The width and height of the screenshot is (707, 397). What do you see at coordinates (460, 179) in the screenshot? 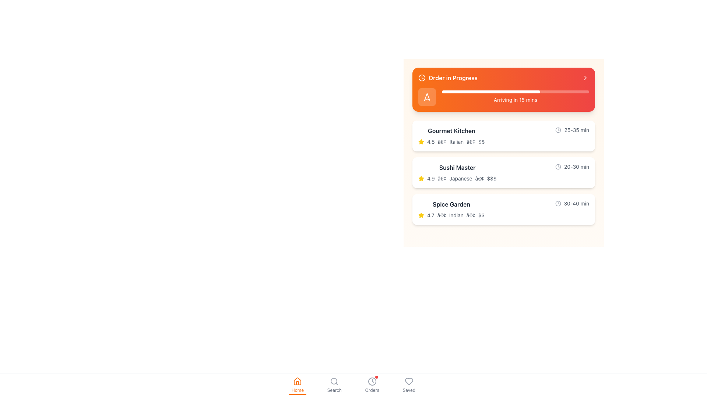
I see `text label indicating the cuisine type 'Japanese' in the second restaurant card of the list, which includes a star rating and pricing information` at bounding box center [460, 179].